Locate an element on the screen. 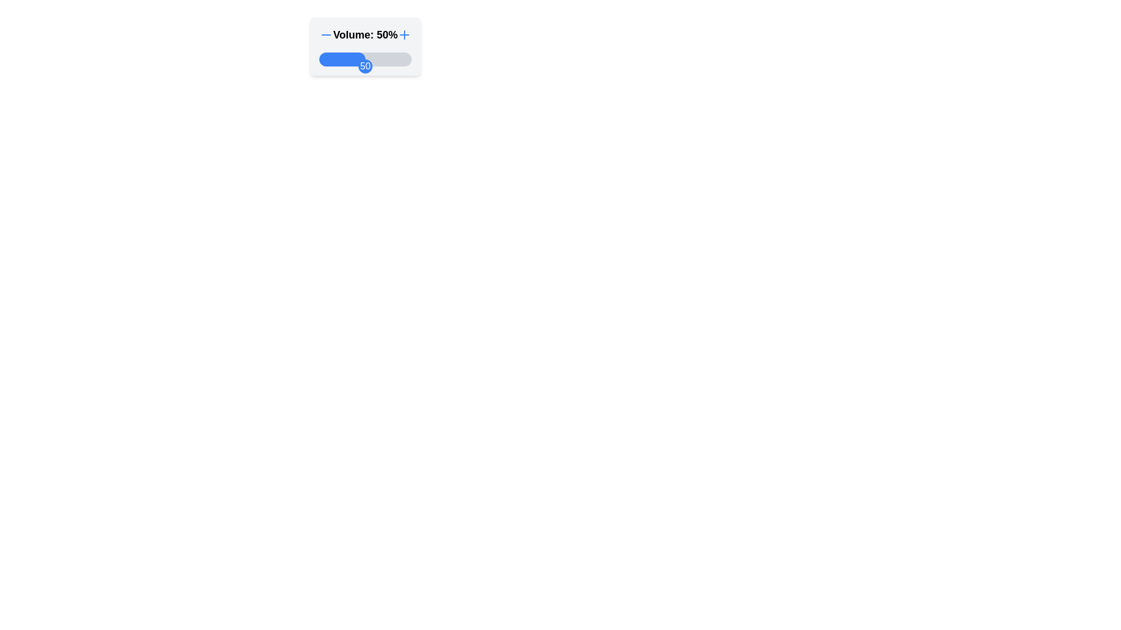 This screenshot has width=1121, height=630. the circular blue indicator displaying '50' at the end of the horizontal slider bar, located at the middle-right side of the progress bar is located at coordinates (364, 66).